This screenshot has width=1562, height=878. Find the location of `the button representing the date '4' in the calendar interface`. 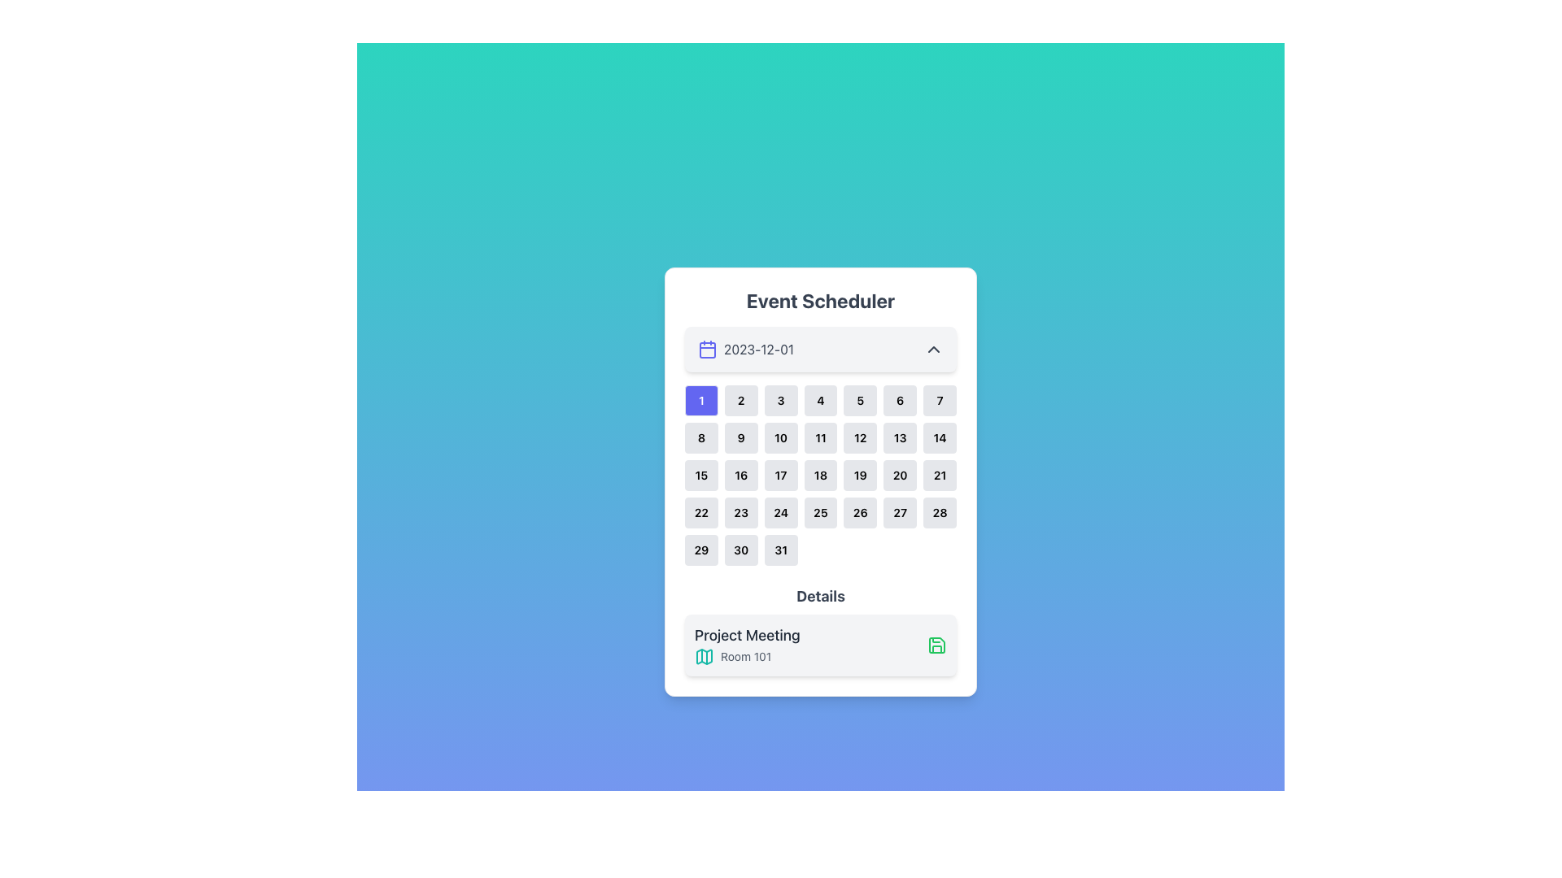

the button representing the date '4' in the calendar interface is located at coordinates (820, 401).